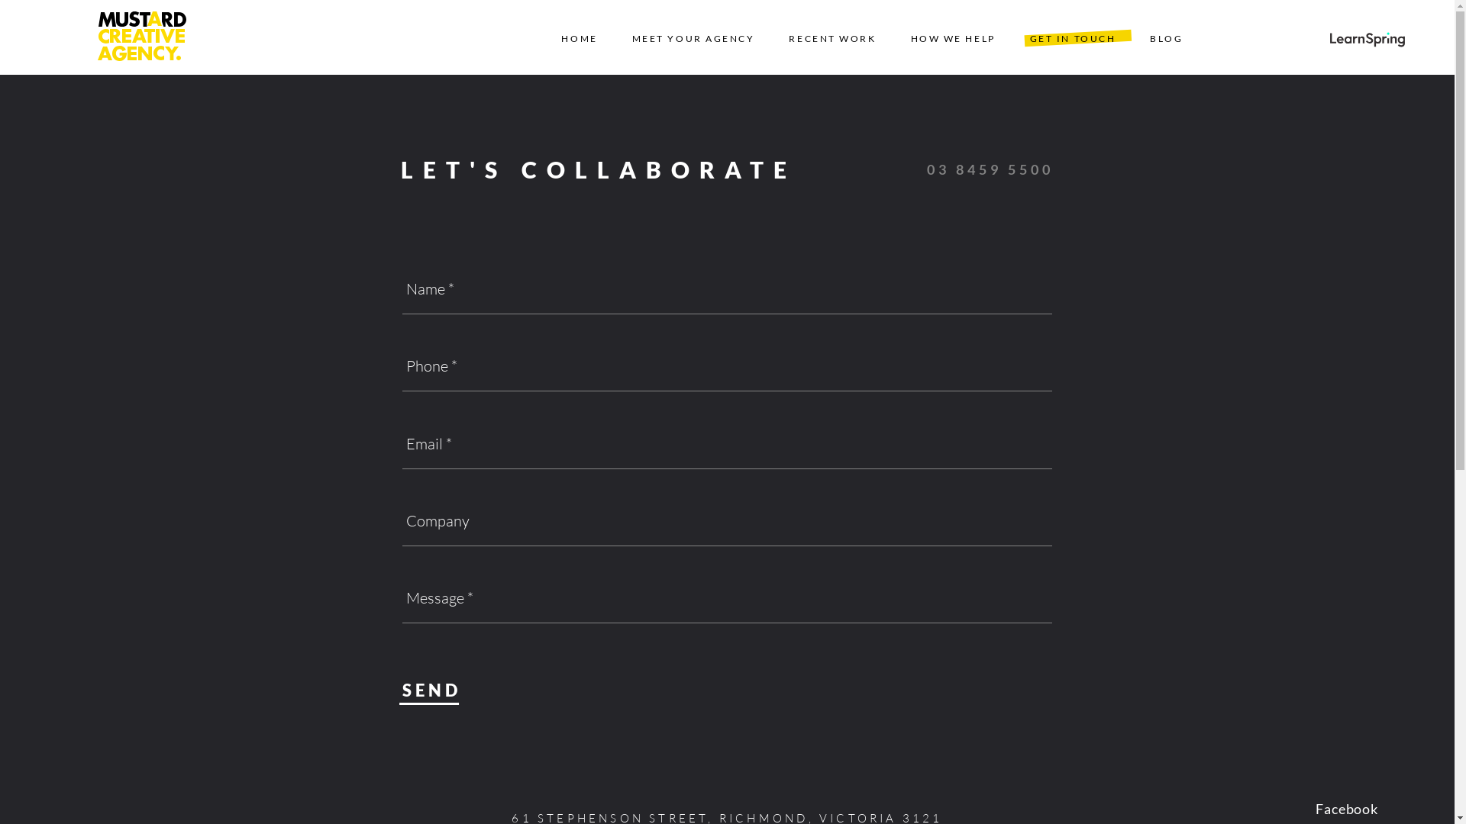  Describe the element at coordinates (1165, 37) in the screenshot. I see `'BLOG'` at that location.